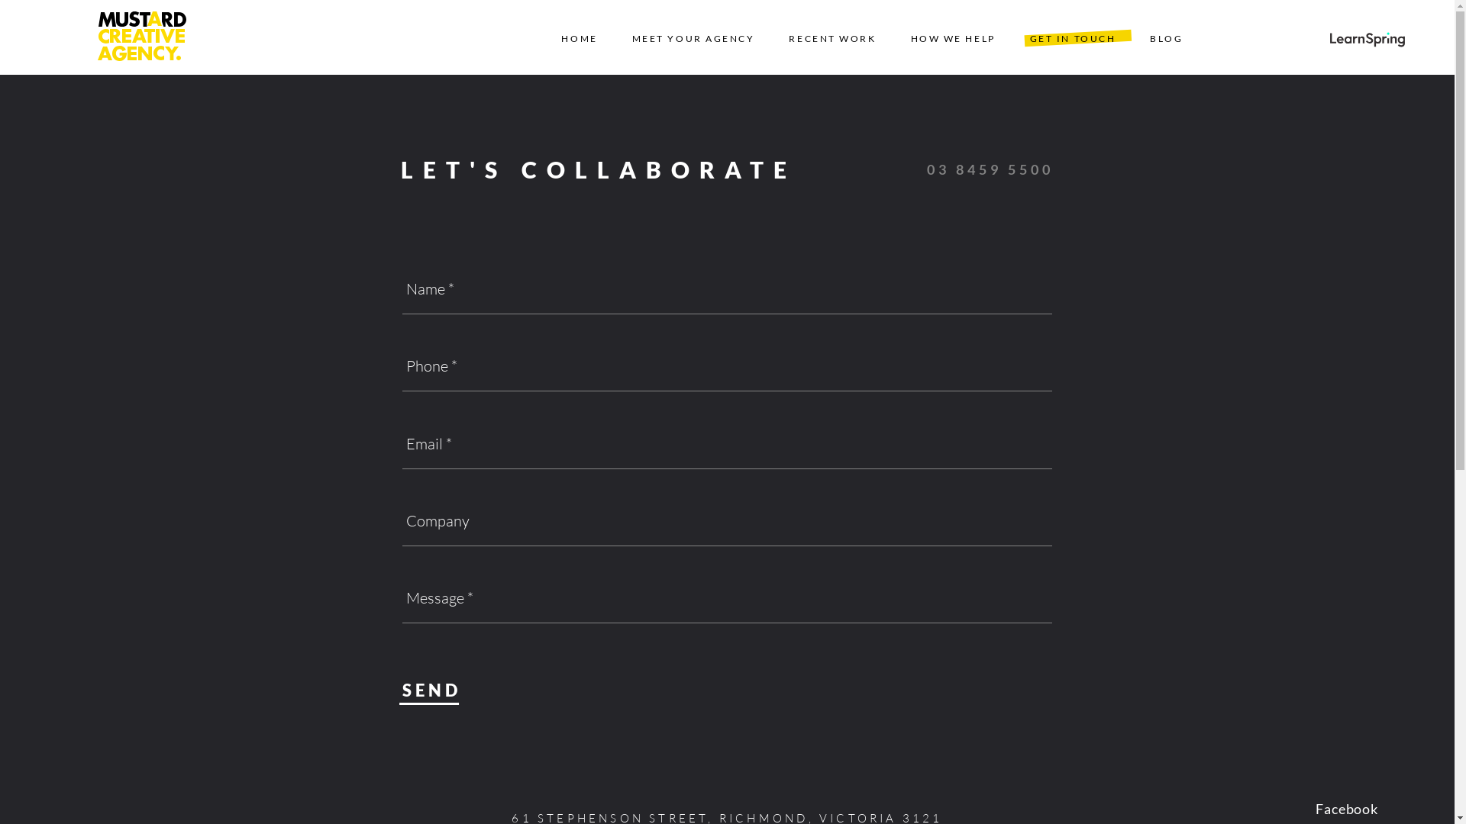  Describe the element at coordinates (1165, 37) in the screenshot. I see `'BLOG'` at that location.